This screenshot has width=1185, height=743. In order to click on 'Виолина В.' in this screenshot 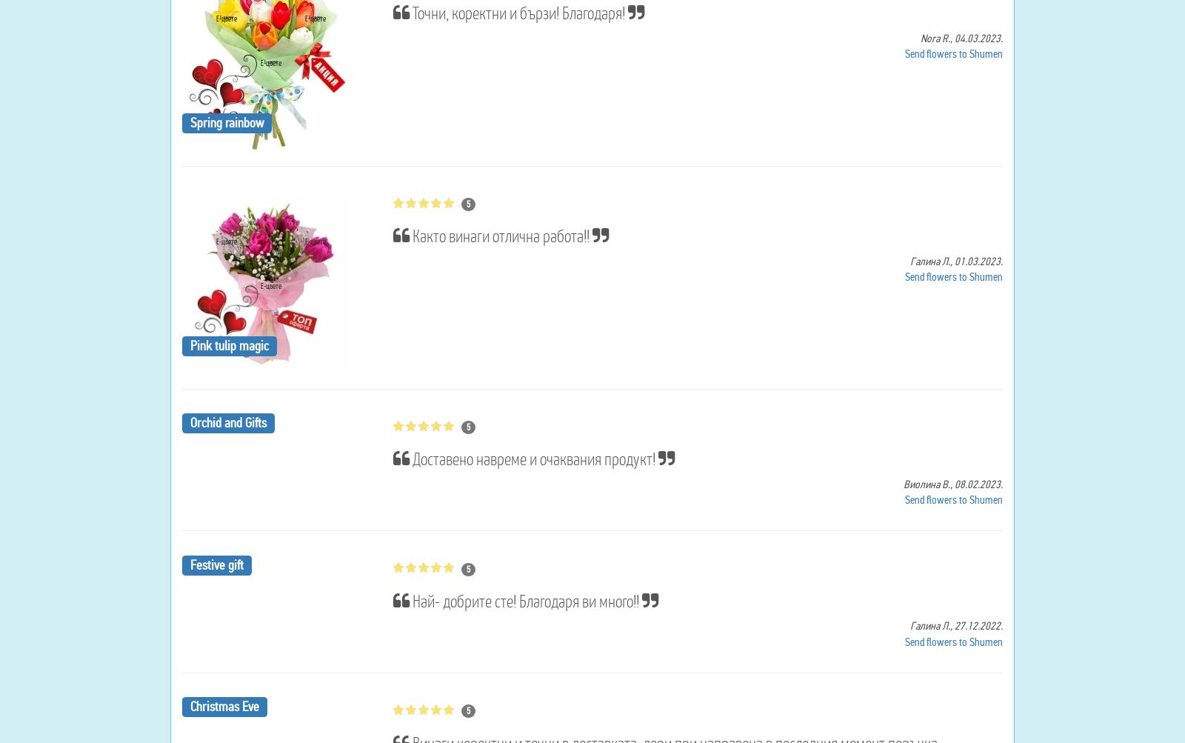, I will do `click(903, 483)`.